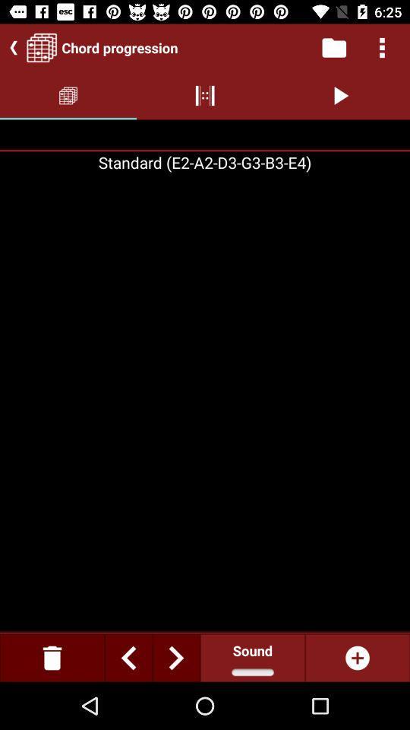 This screenshot has height=730, width=410. Describe the element at coordinates (357, 657) in the screenshot. I see `on` at that location.